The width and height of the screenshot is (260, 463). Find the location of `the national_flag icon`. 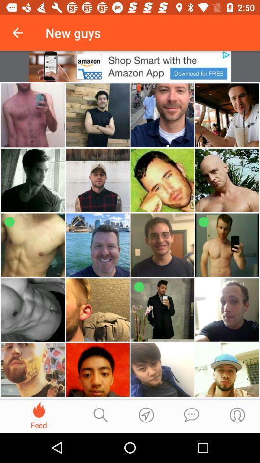

the national_flag icon is located at coordinates (17, 37).